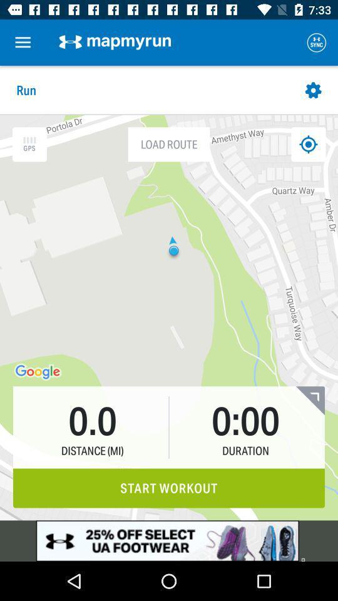 Image resolution: width=338 pixels, height=601 pixels. What do you see at coordinates (169, 540) in the screenshot?
I see `advertisement` at bounding box center [169, 540].